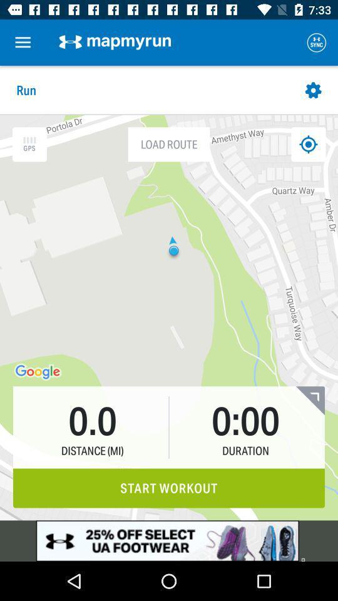 Image resolution: width=338 pixels, height=601 pixels. What do you see at coordinates (169, 540) in the screenshot?
I see `advertisement` at bounding box center [169, 540].